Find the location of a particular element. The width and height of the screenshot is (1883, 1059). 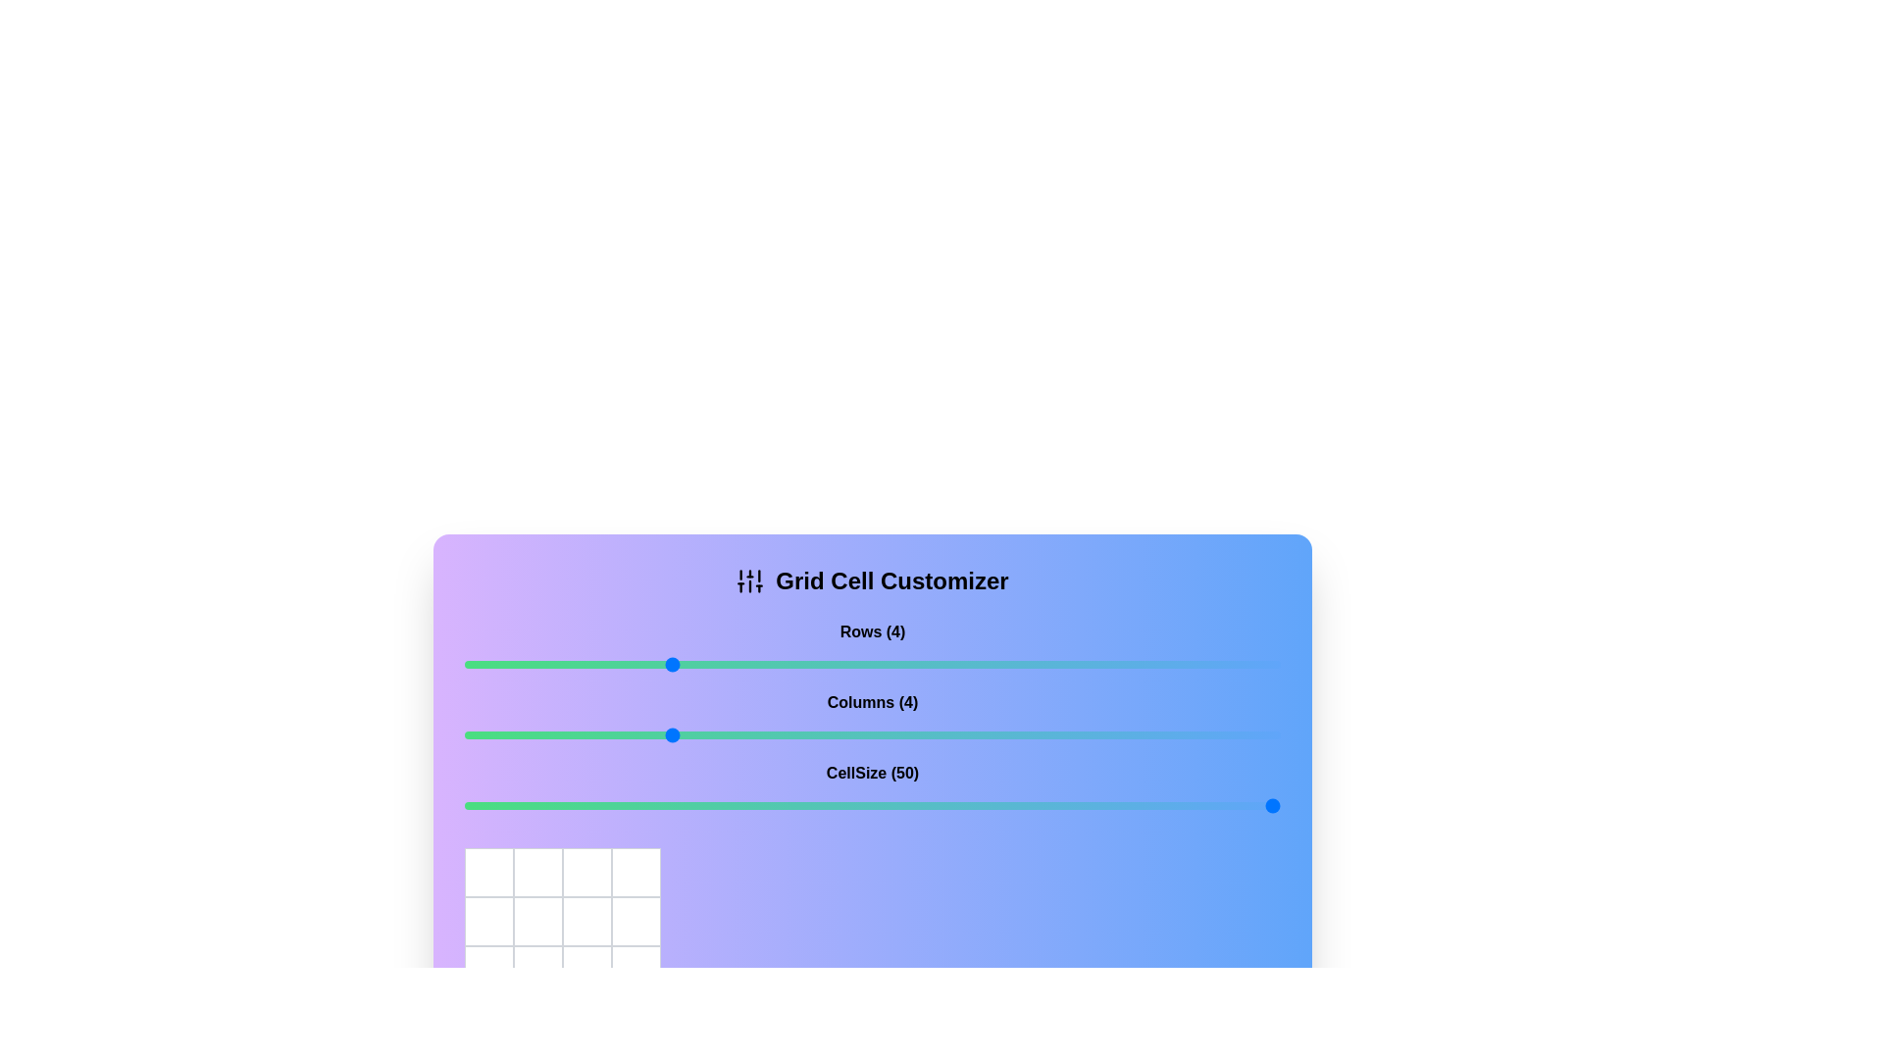

the 'CellSize' slider to 5 value is located at coordinates (770, 805).